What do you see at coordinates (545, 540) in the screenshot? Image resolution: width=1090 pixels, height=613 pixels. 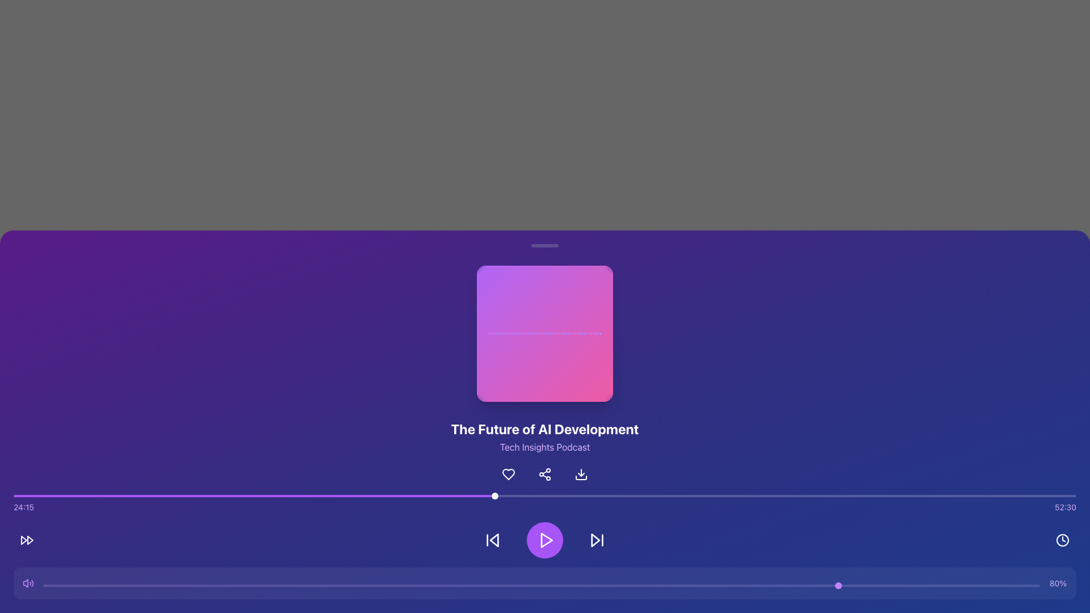 I see `the circular purple play button located centrally at the bottom of the interface to play or pause the media` at bounding box center [545, 540].